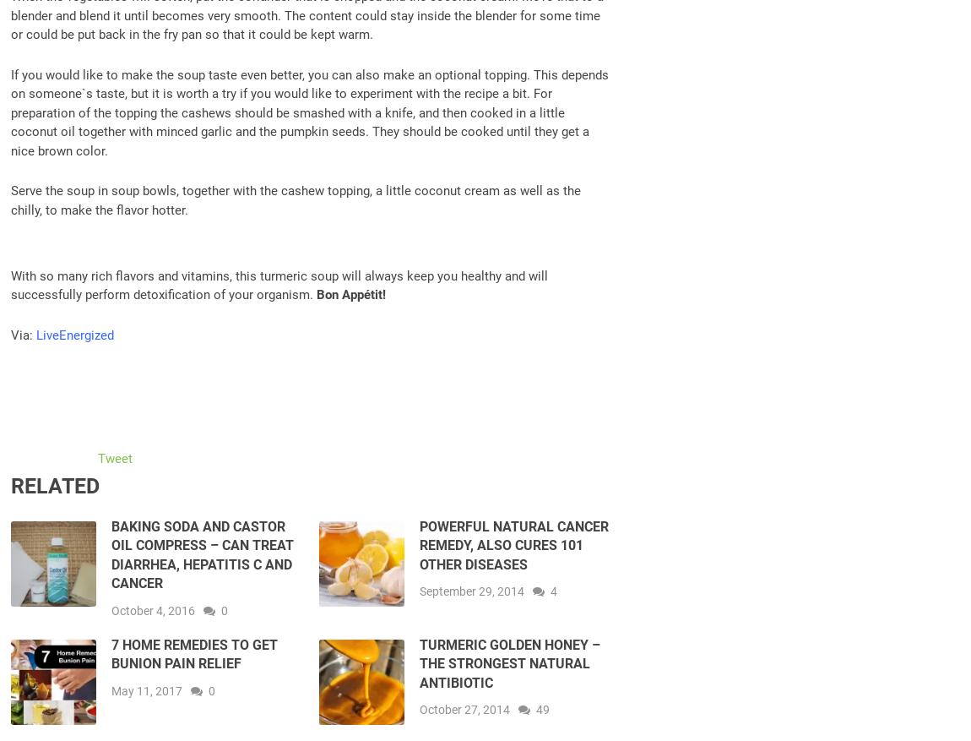 This screenshot has width=971, height=741. Describe the element at coordinates (74, 333) in the screenshot. I see `'LiveEnergized'` at that location.